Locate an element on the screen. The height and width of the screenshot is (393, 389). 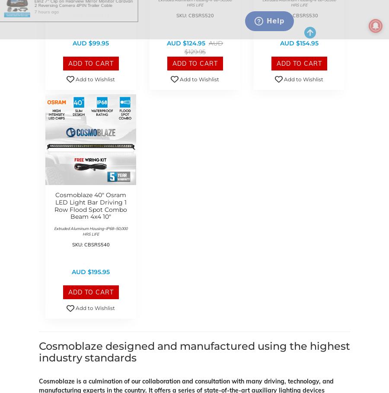
'SKU: CBSRS510' is located at coordinates (90, 15).